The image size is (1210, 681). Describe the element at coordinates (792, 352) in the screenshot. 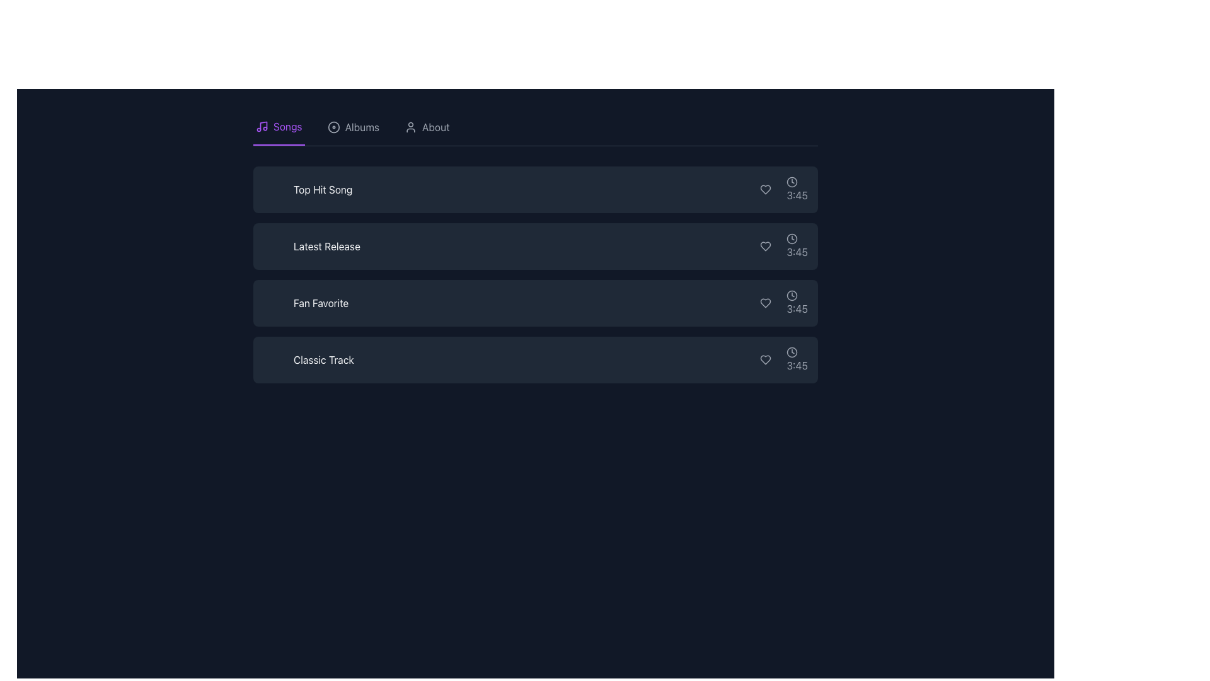

I see `the clock icon, which is a gray outlined circular icon with two hands indicating time, located at the far-right side of the last item in a vertically stacked list, adjacent to the '3:45' text` at that location.